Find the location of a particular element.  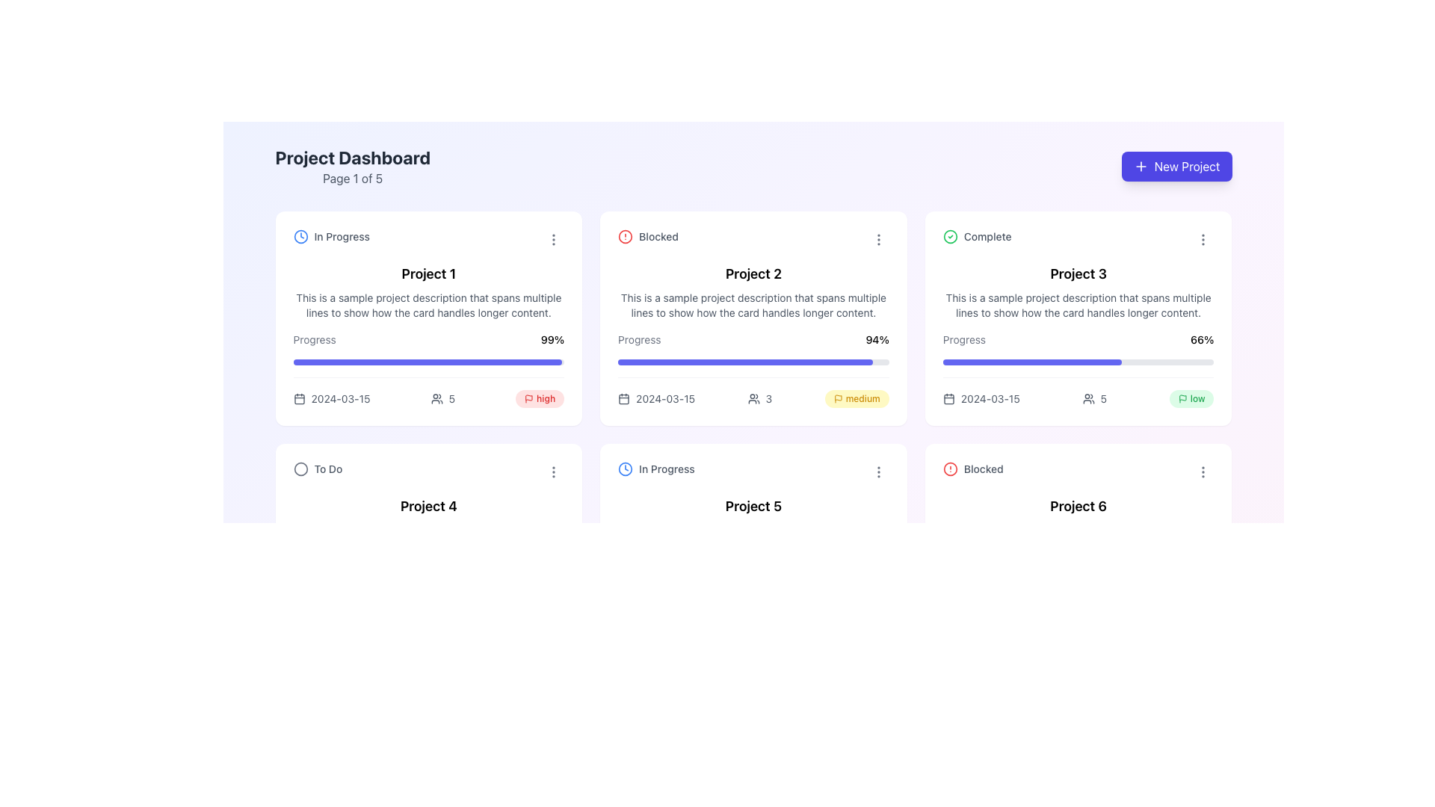

the status label indicating 'Blocked' for the project in the top-left corner of the 'Project 6' card is located at coordinates (973, 469).